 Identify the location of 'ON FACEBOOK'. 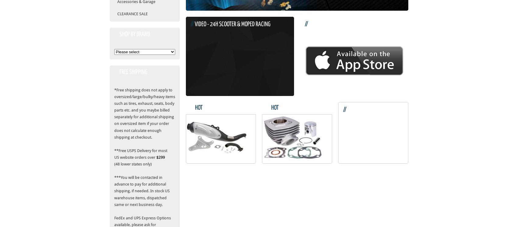
(356, 119).